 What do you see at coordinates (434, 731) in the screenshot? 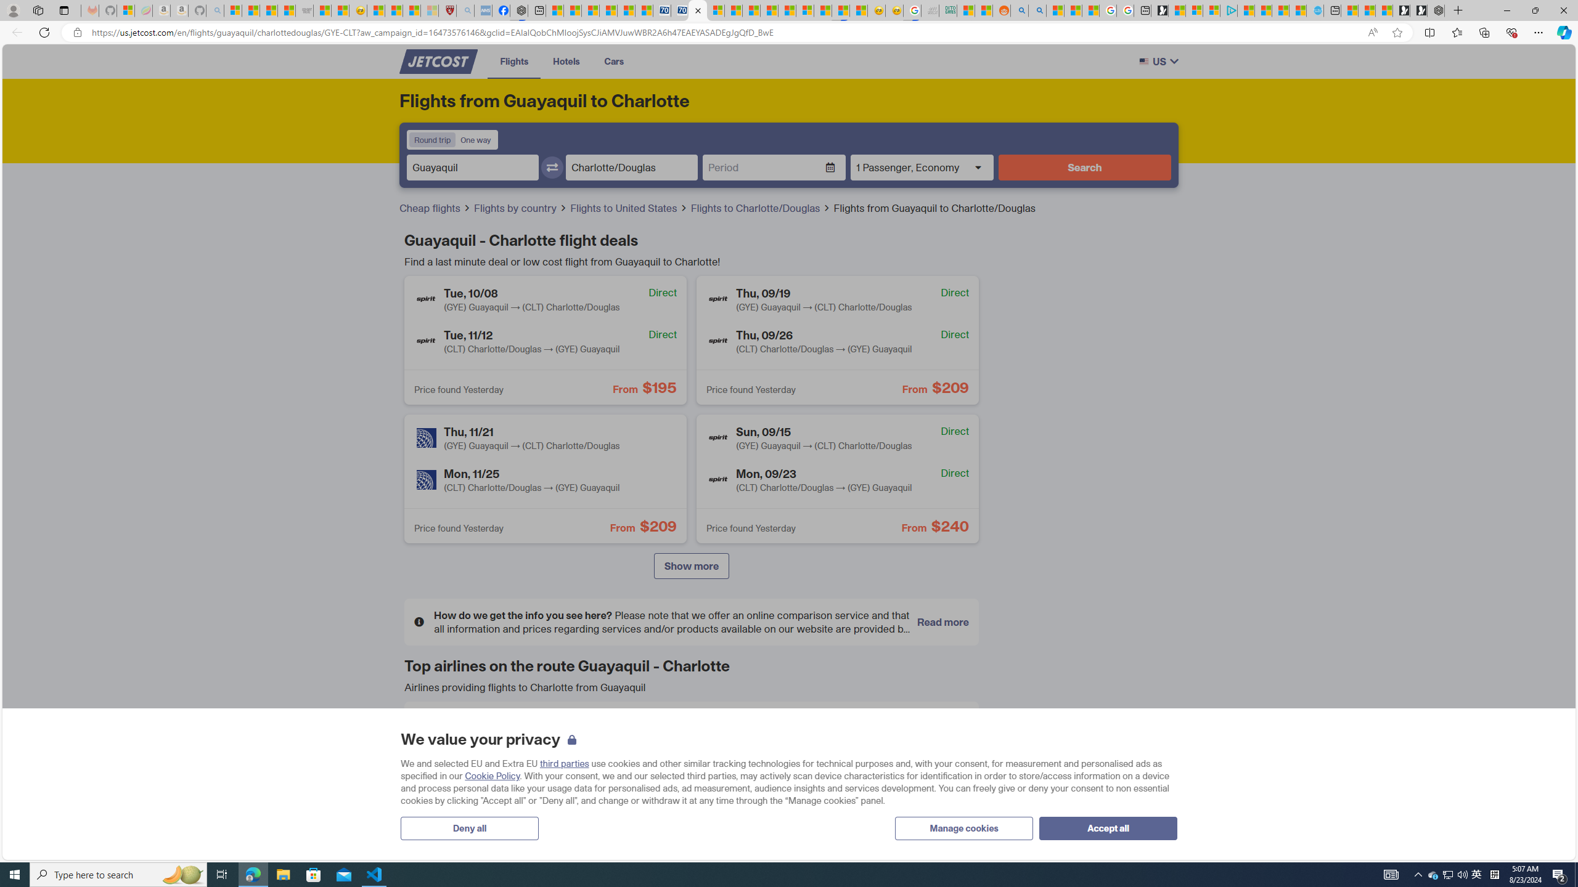
I see `'American Airlines'` at bounding box center [434, 731].